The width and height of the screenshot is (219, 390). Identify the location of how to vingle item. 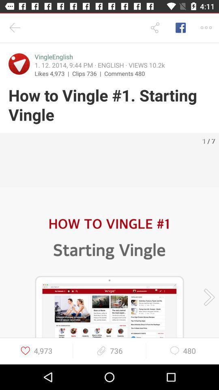
(109, 105).